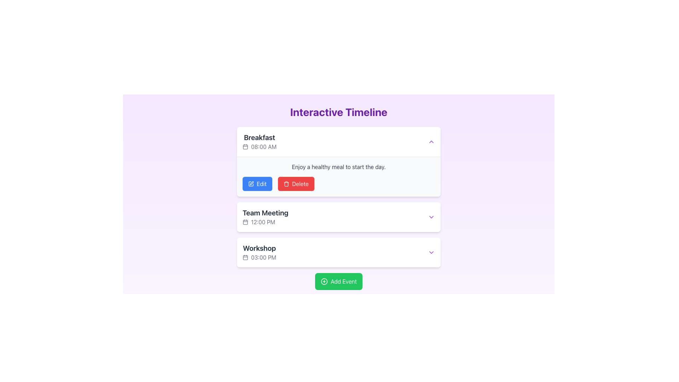  Describe the element at coordinates (259, 257) in the screenshot. I see `the non-interactive informational text displaying the time of the 'Workshop' event in the timeline, located below the 'Workshop' title` at that location.